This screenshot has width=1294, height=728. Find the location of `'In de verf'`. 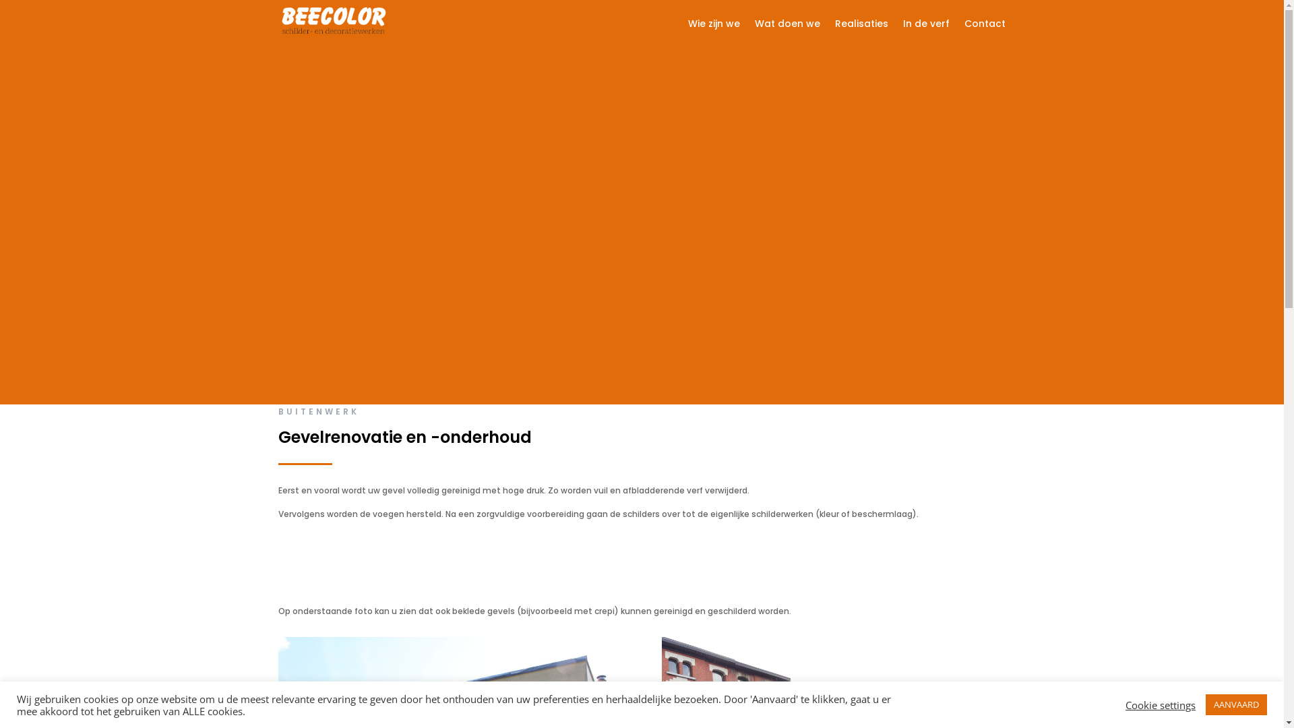

'In de verf' is located at coordinates (925, 26).